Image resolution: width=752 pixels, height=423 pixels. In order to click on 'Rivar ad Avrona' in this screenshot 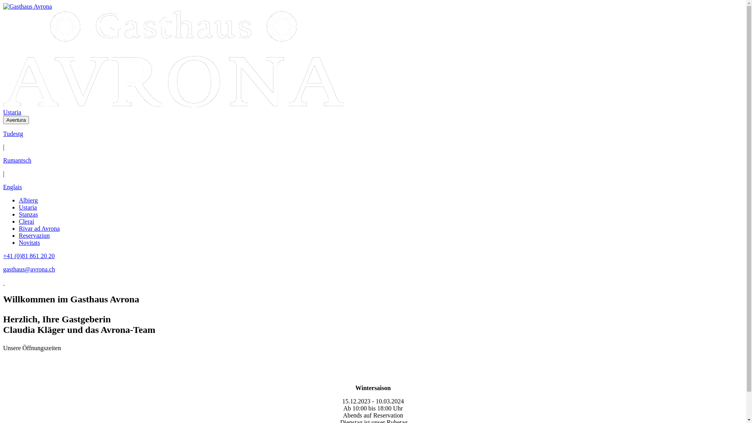, I will do `click(39, 228)`.